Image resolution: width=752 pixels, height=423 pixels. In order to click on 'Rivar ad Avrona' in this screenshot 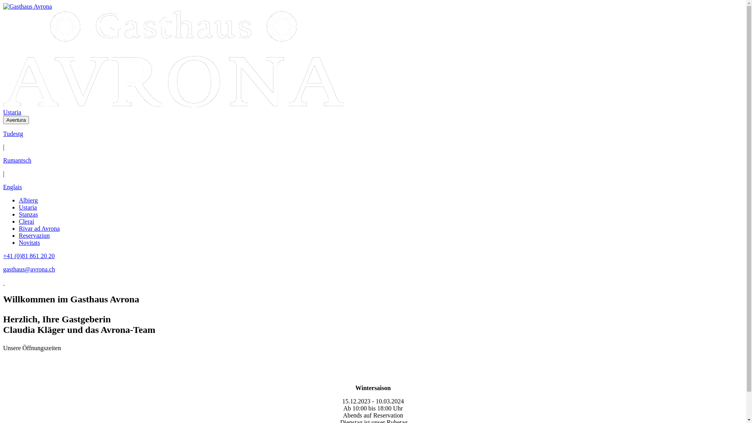, I will do `click(39, 228)`.